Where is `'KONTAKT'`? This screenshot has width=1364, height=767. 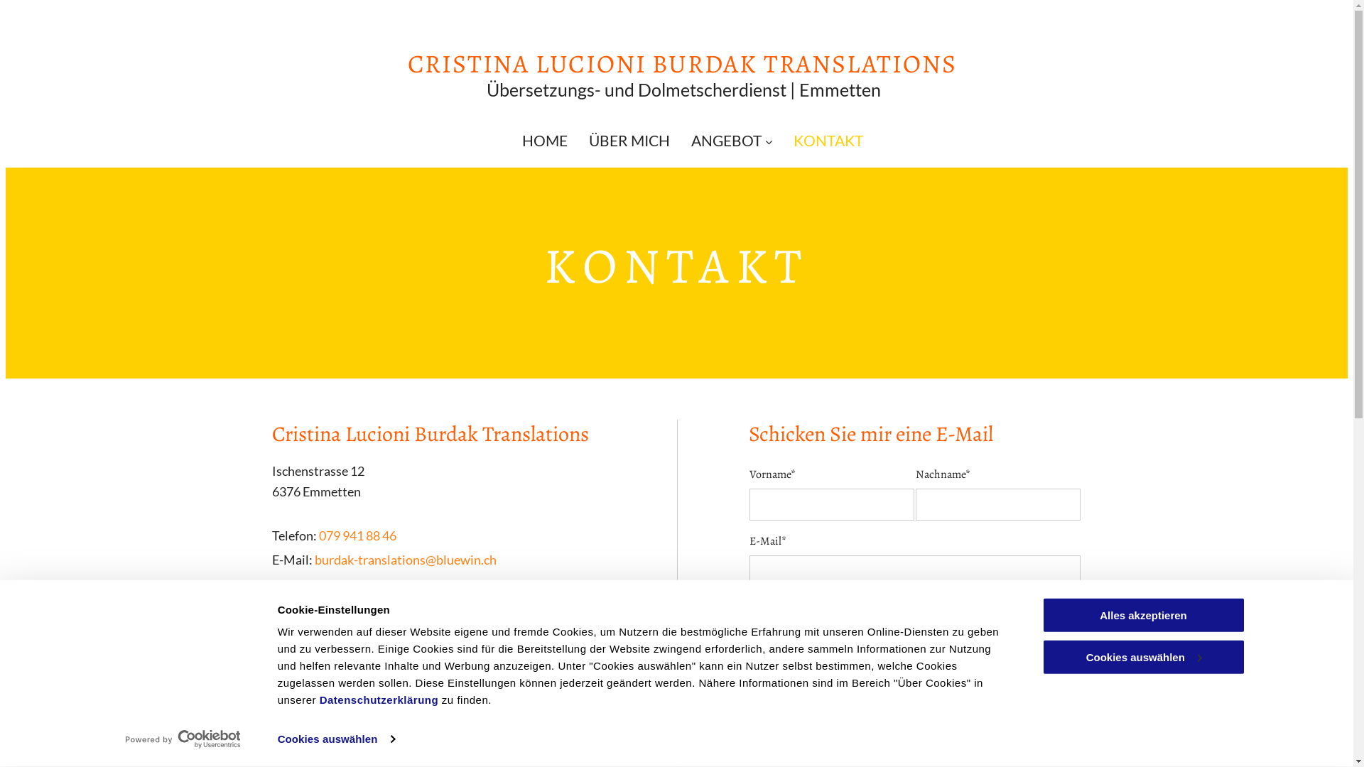
'KONTAKT' is located at coordinates (828, 140).